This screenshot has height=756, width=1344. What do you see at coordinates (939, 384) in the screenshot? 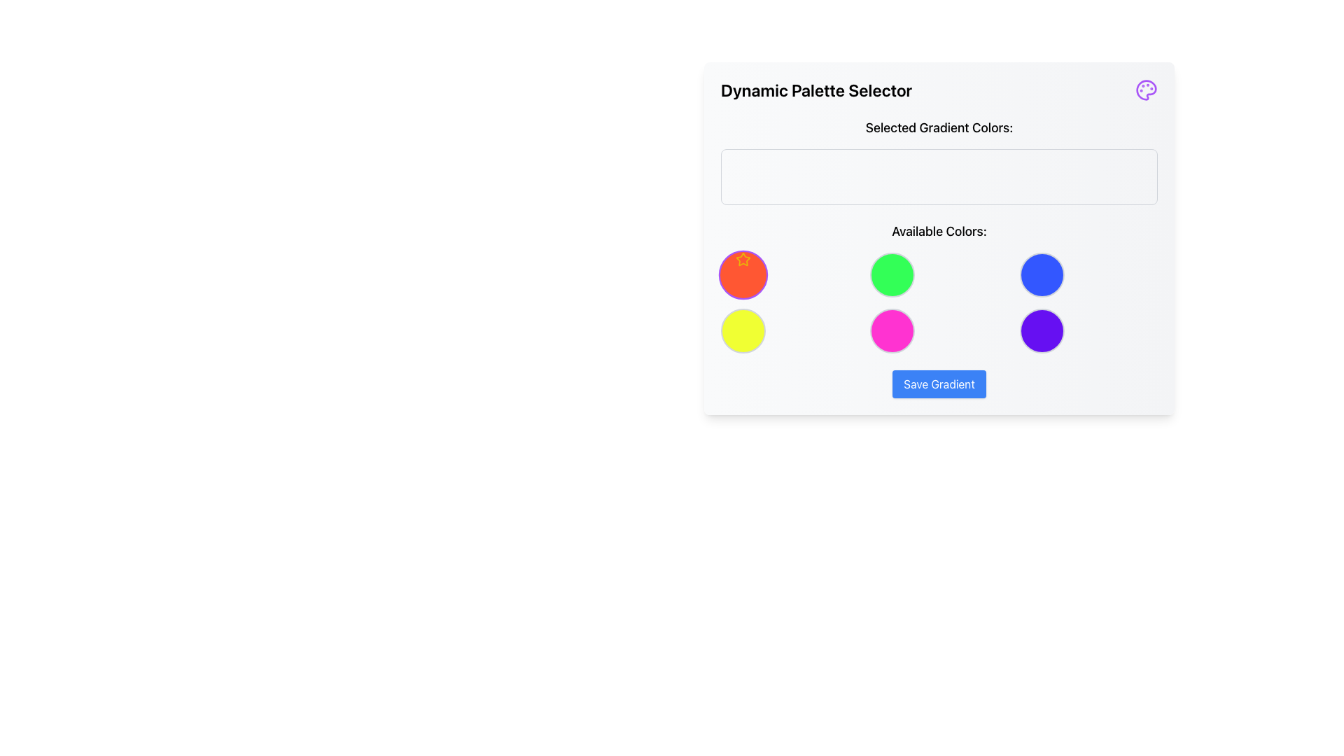
I see `the save button located at the bottom center of the 'Dynamic Palette Selector' panel, directly below the 'Available Colors' section` at bounding box center [939, 384].